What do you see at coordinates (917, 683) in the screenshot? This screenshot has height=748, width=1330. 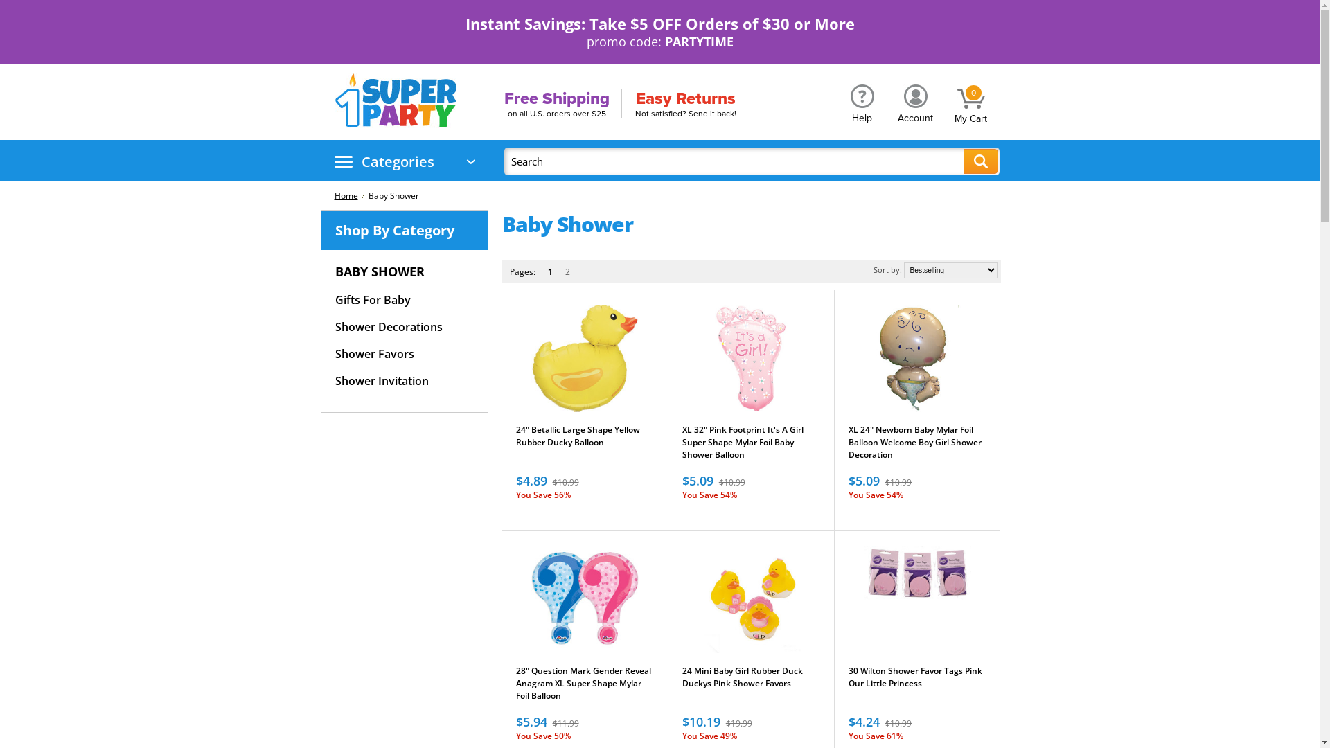 I see `'30 Wilton Shower Favor Tags Pink Our Little Princess'` at bounding box center [917, 683].